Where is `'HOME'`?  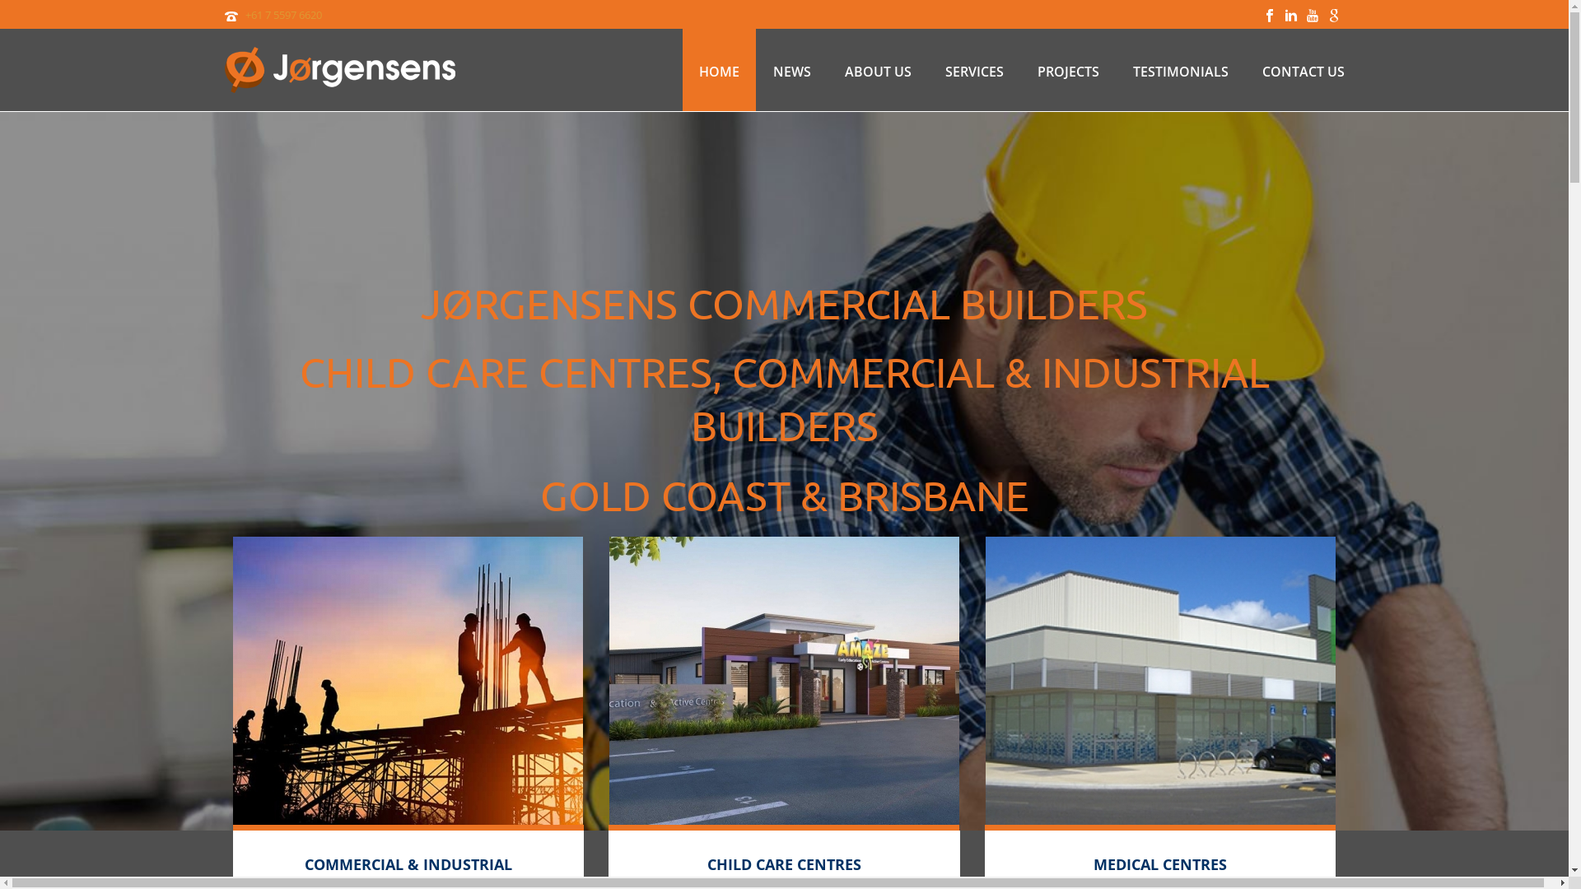 'HOME' is located at coordinates (718, 68).